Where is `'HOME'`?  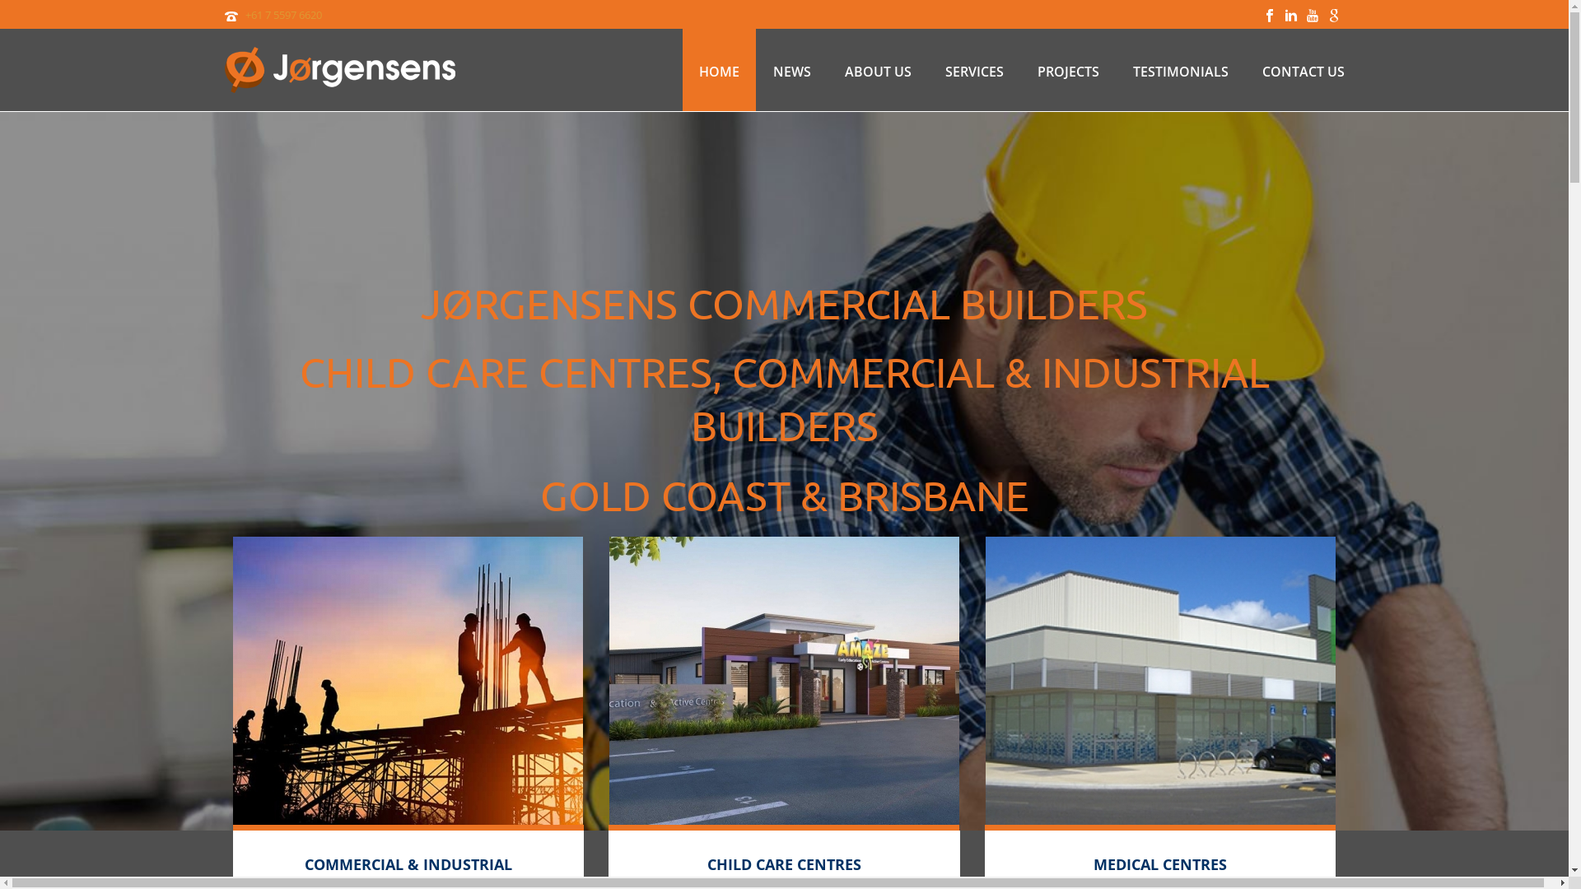 'HOME' is located at coordinates (718, 68).